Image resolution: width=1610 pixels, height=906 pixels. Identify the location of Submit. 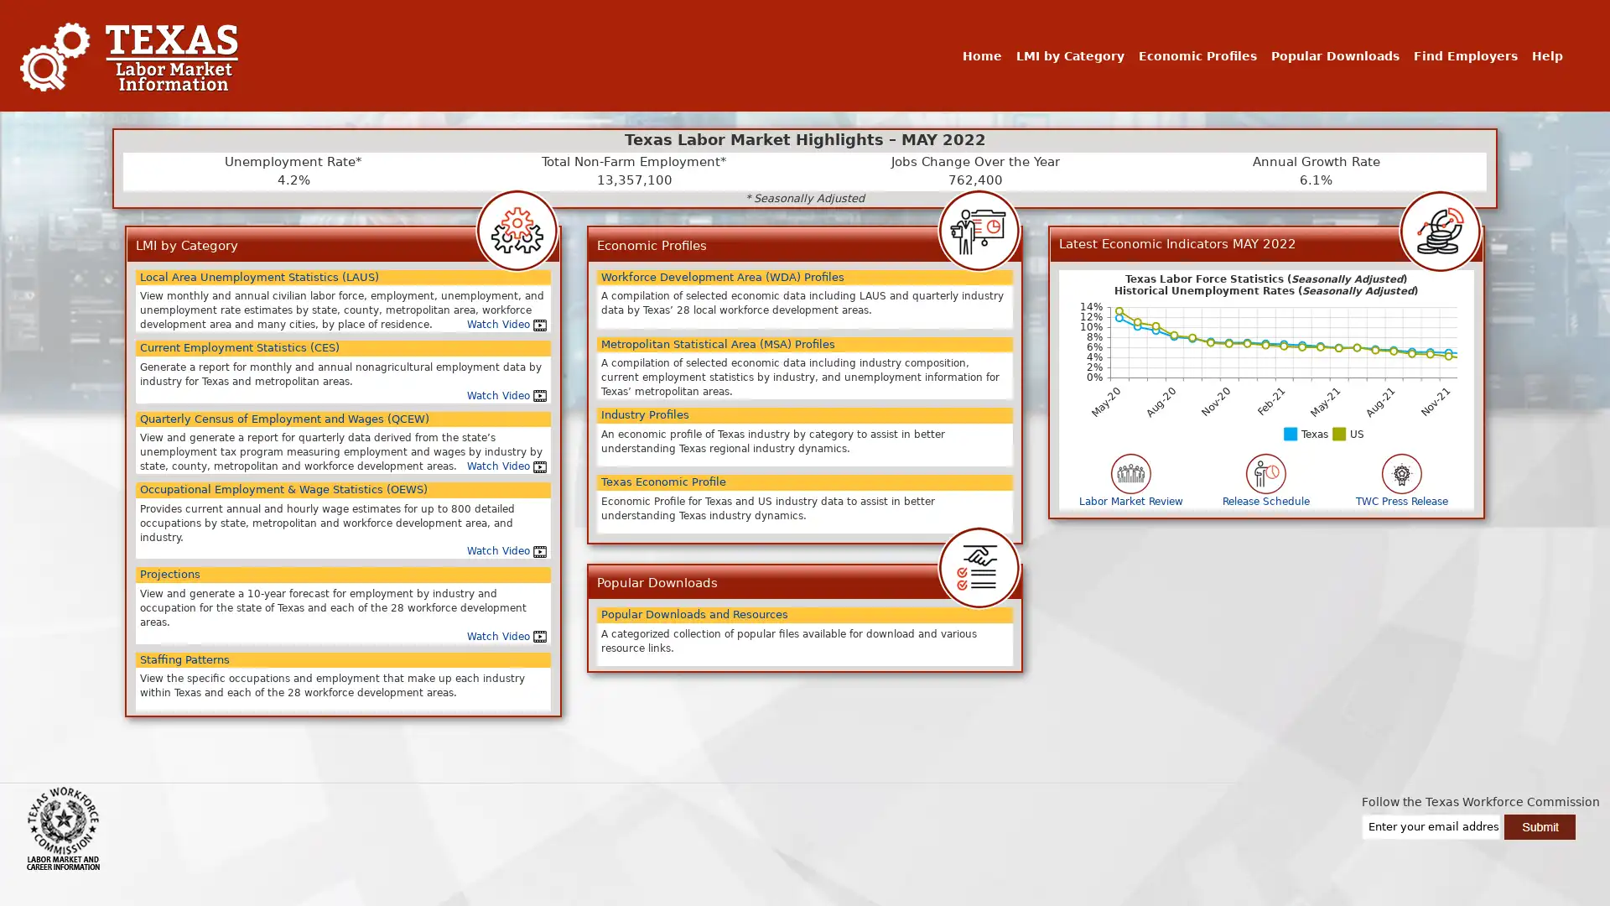
(1540, 825).